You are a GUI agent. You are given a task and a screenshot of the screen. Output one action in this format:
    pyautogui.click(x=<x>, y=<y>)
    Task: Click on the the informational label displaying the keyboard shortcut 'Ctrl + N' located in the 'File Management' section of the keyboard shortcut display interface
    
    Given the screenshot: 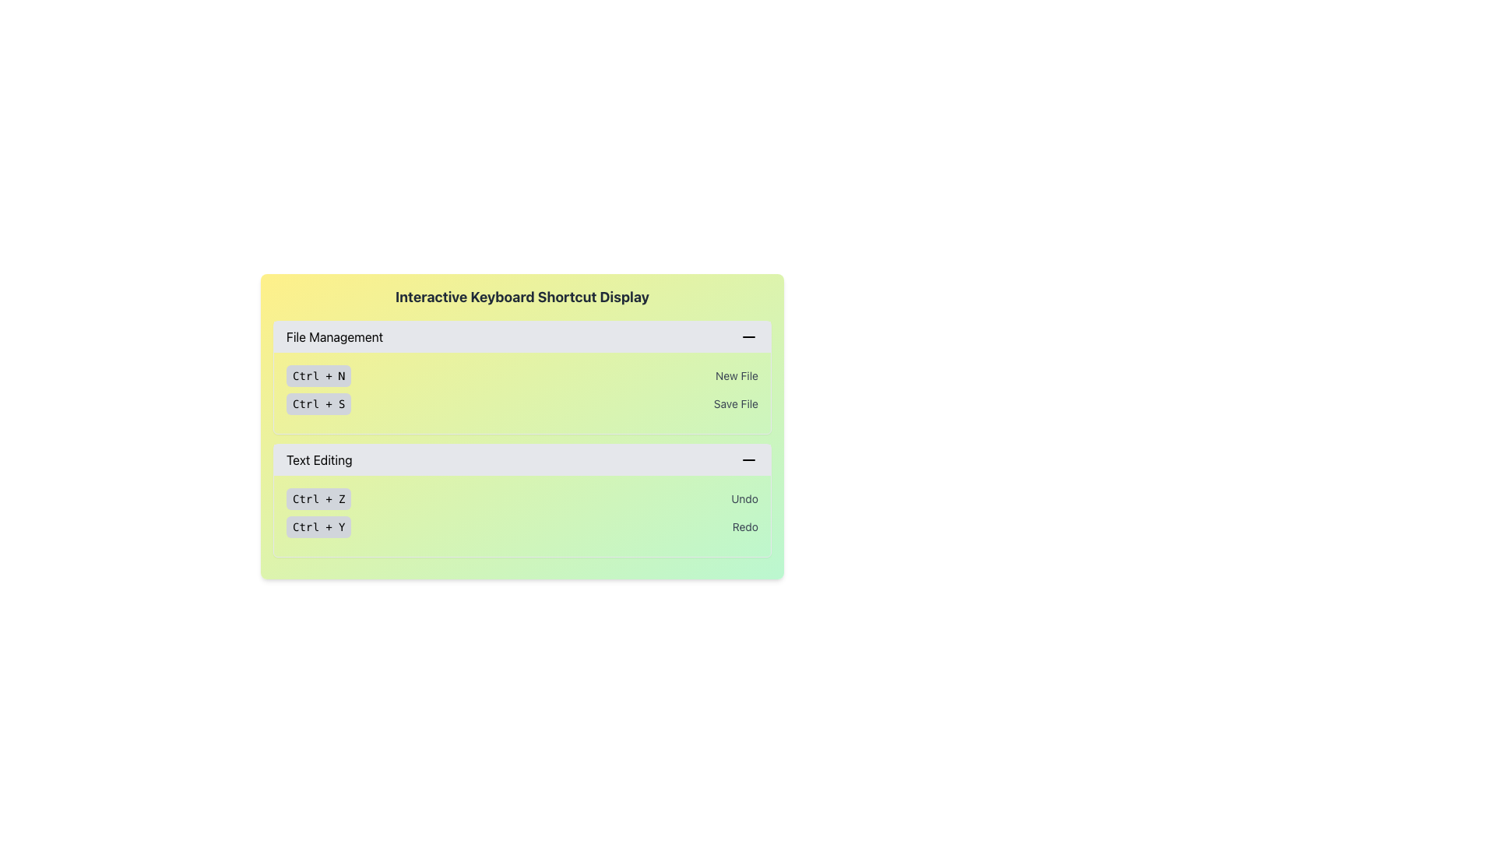 What is the action you would take?
    pyautogui.click(x=318, y=375)
    